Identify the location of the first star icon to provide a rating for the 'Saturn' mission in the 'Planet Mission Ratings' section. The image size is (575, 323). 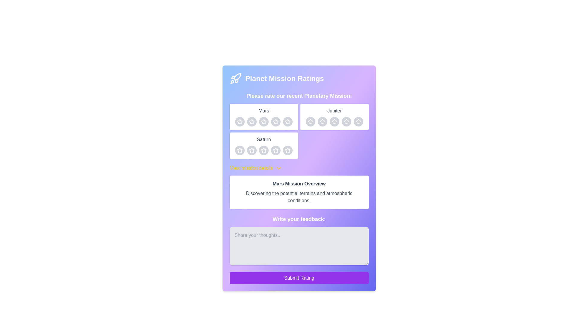
(240, 150).